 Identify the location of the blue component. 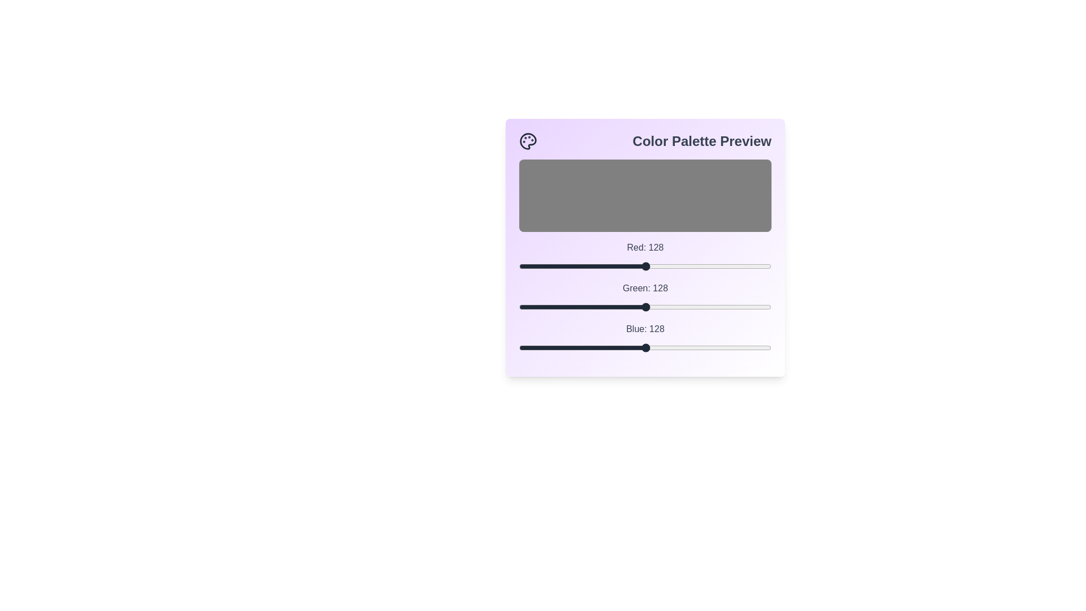
(653, 347).